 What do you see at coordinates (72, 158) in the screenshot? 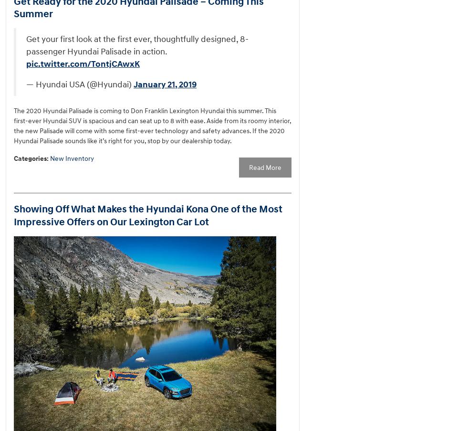
I see `'New Inventory'` at bounding box center [72, 158].